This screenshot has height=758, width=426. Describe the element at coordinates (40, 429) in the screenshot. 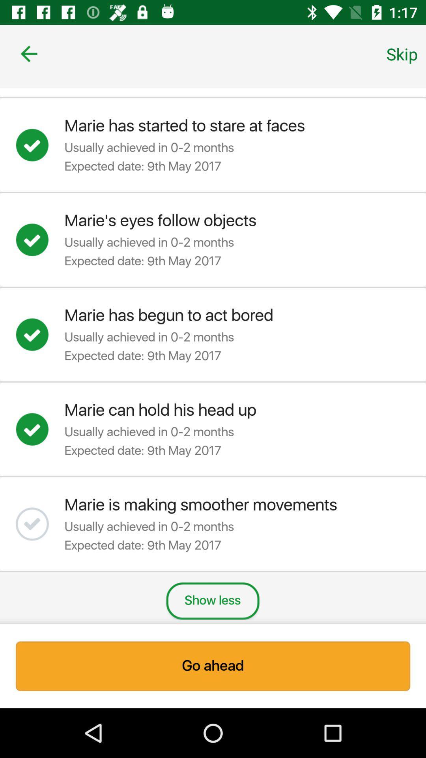

I see `confirm` at that location.